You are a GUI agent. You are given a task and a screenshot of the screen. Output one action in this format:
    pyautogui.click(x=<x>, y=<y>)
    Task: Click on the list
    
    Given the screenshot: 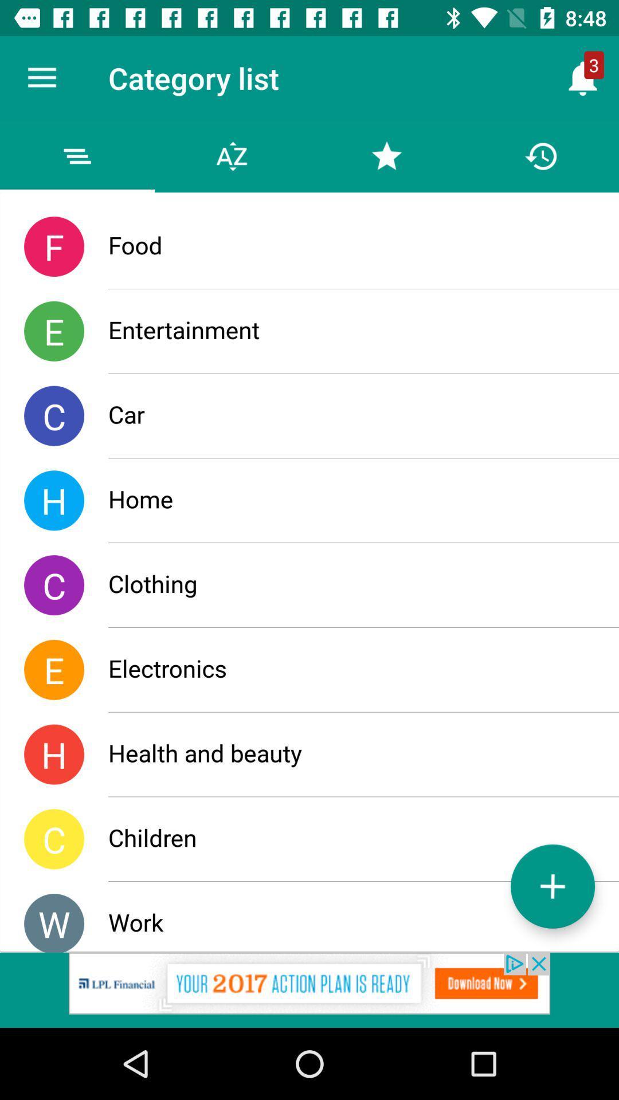 What is the action you would take?
    pyautogui.click(x=552, y=886)
    